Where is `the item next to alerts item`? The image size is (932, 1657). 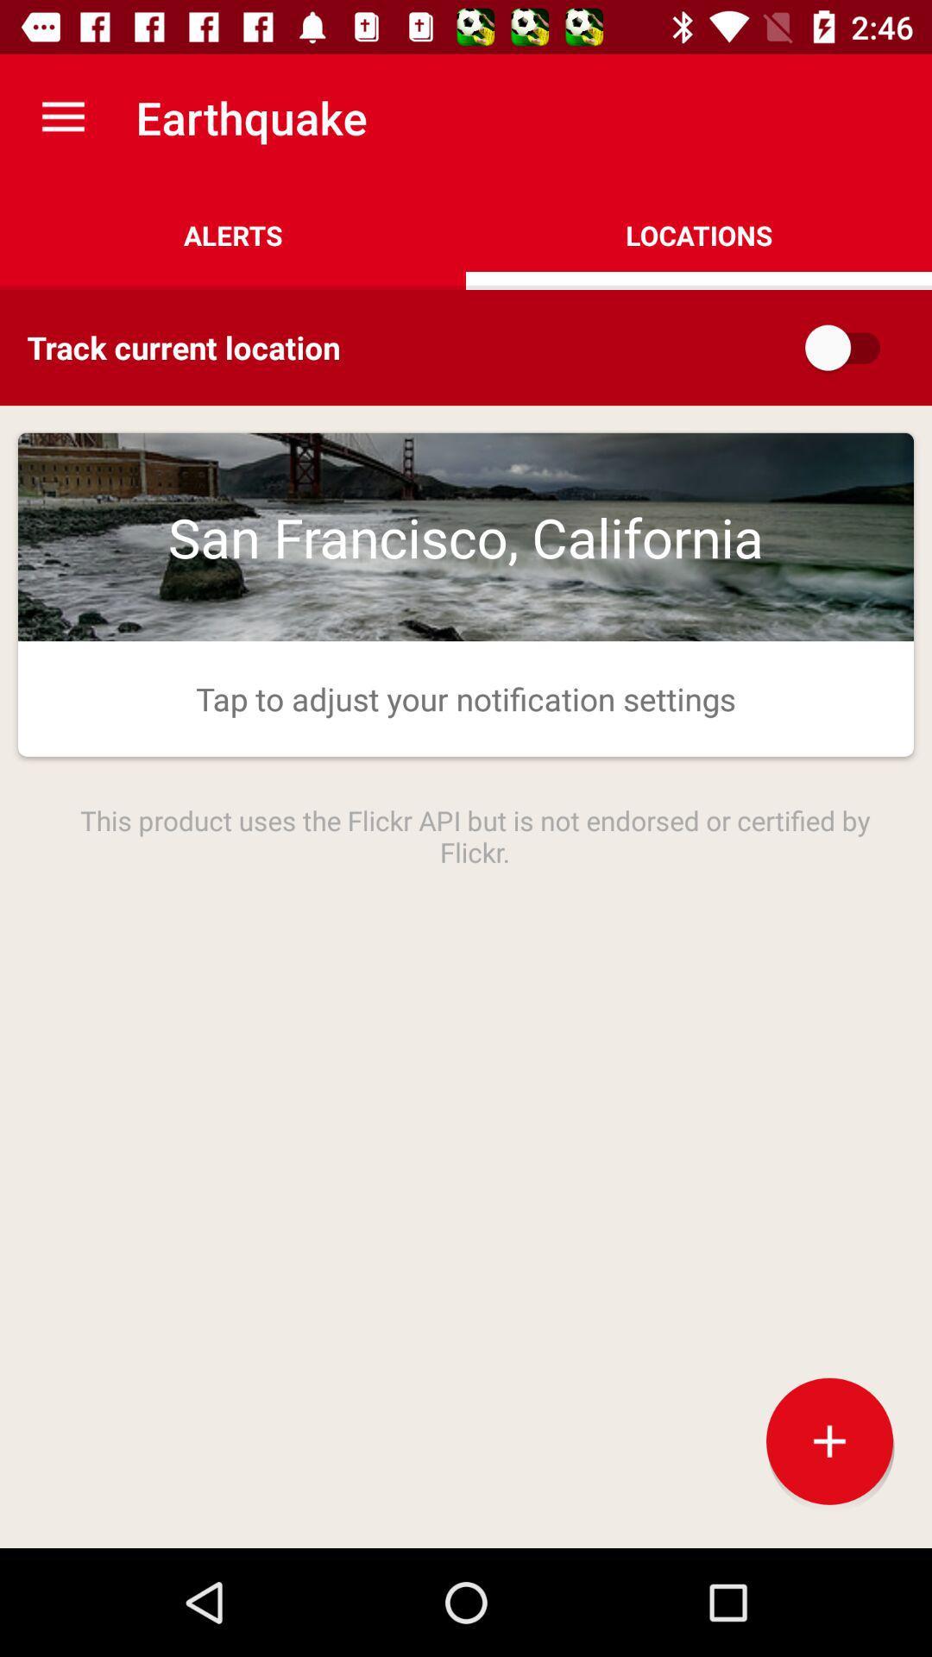 the item next to alerts item is located at coordinates (699, 235).